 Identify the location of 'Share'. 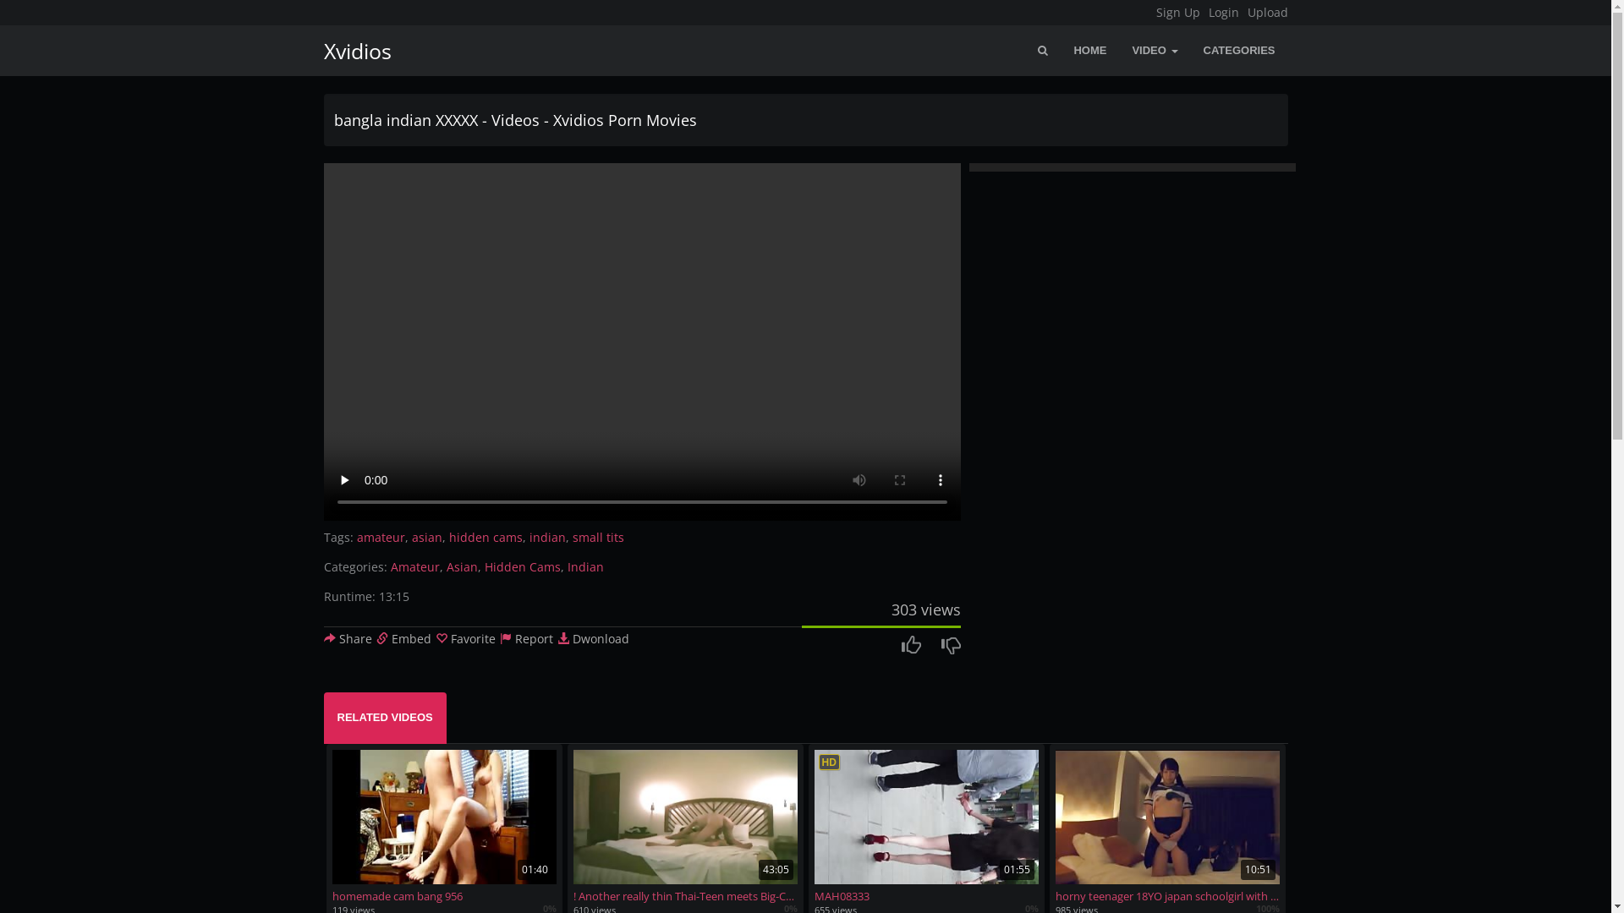
(346, 638).